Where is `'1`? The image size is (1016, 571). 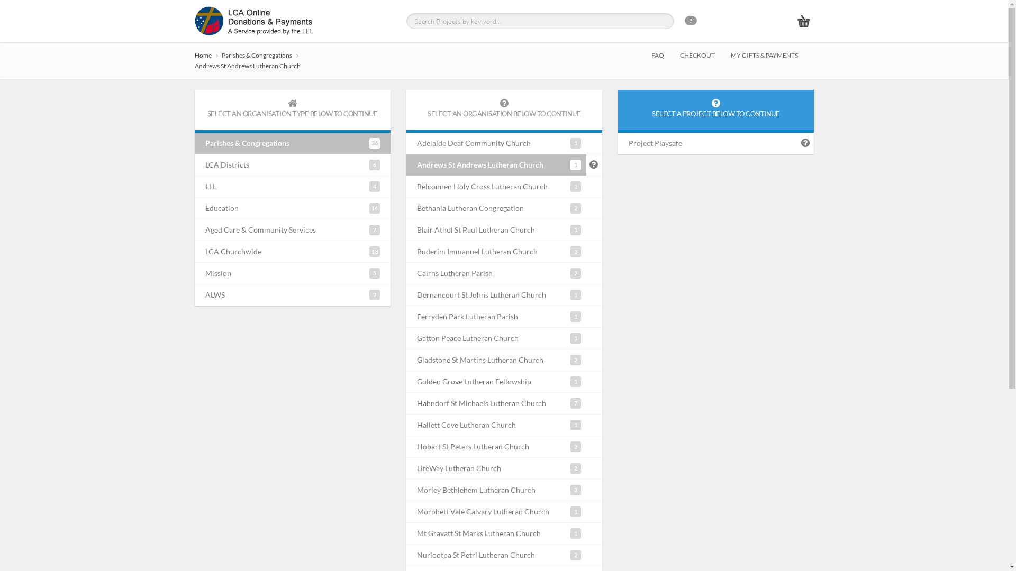 '1 is located at coordinates (495, 338).